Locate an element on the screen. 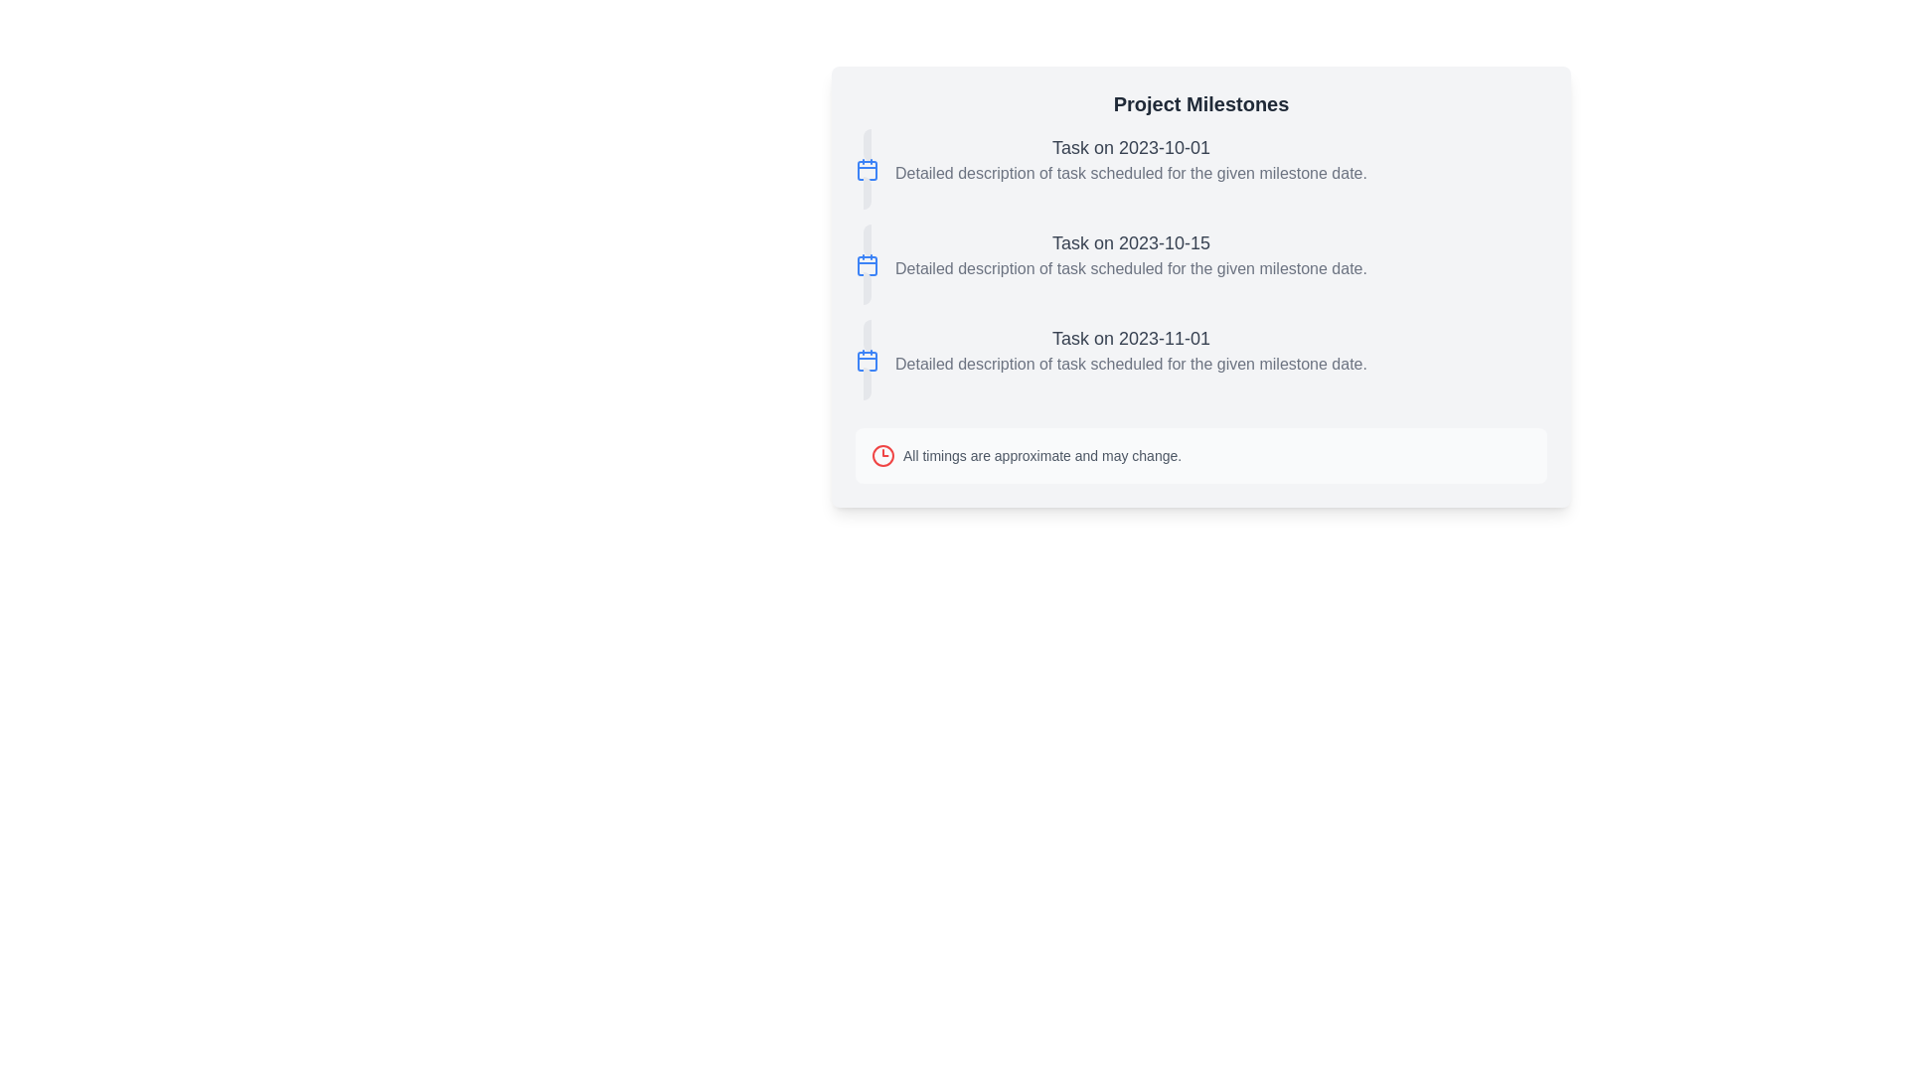 This screenshot has width=1908, height=1073. the warning icon located to the left of the text 'All timings are approximate and may change.' is located at coordinates (881, 456).